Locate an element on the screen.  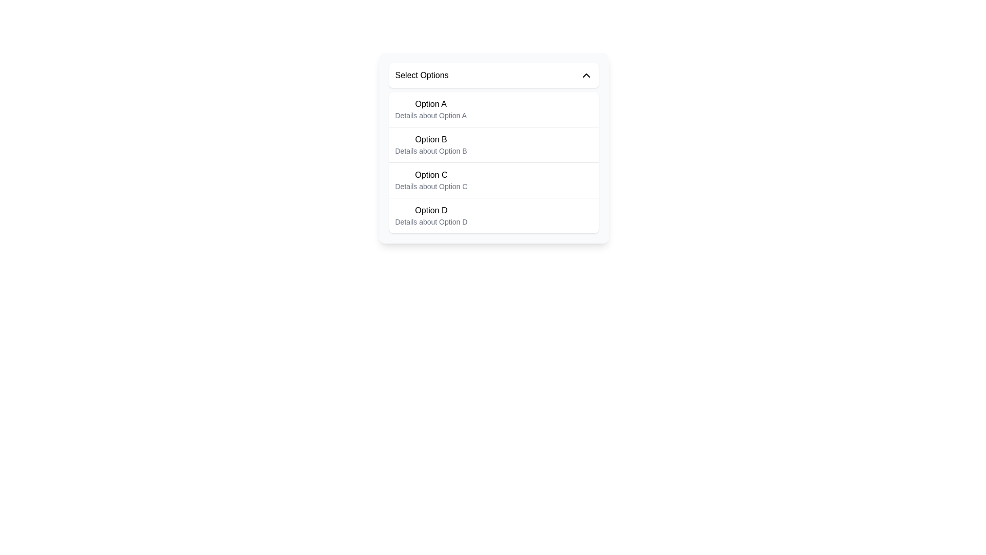
the selectable list item titled 'Option C' is located at coordinates (494, 179).